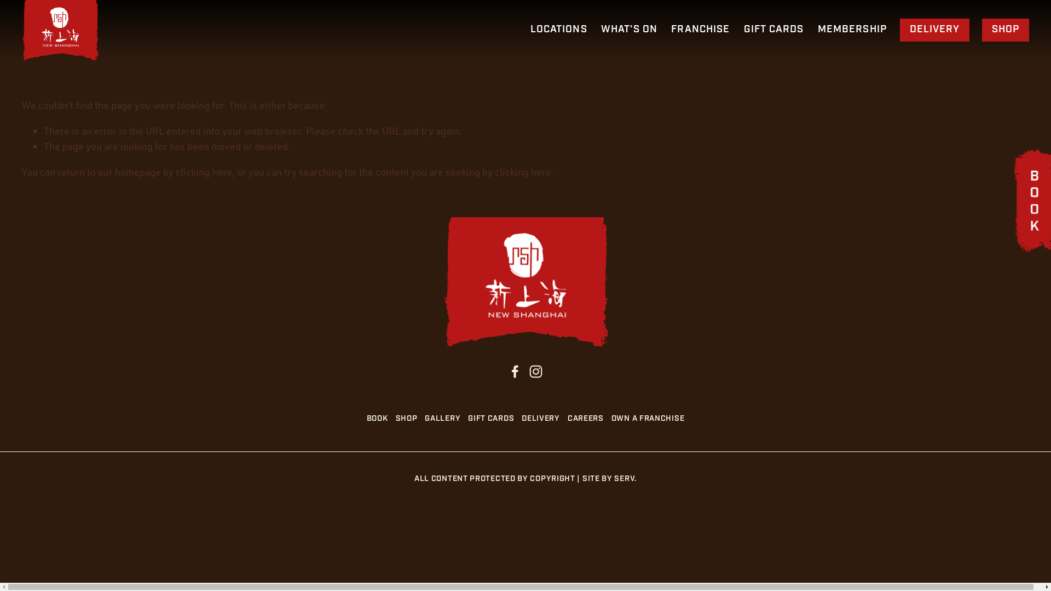 This screenshot has width=1051, height=591. Describe the element at coordinates (851, 29) in the screenshot. I see `'MEMBERSHIP'` at that location.